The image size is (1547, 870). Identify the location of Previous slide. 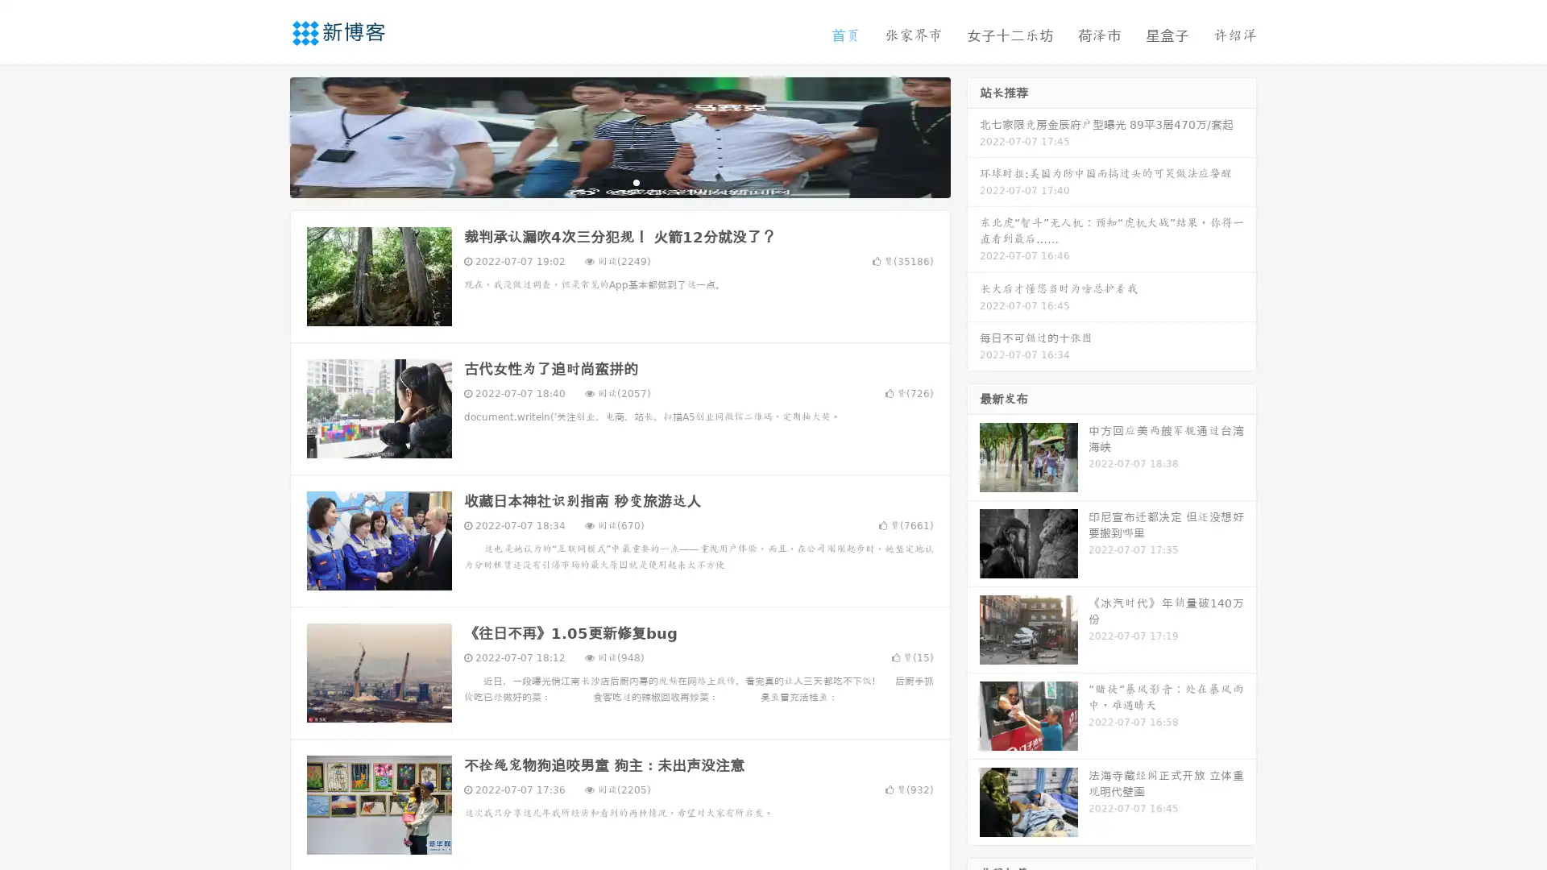
(266, 135).